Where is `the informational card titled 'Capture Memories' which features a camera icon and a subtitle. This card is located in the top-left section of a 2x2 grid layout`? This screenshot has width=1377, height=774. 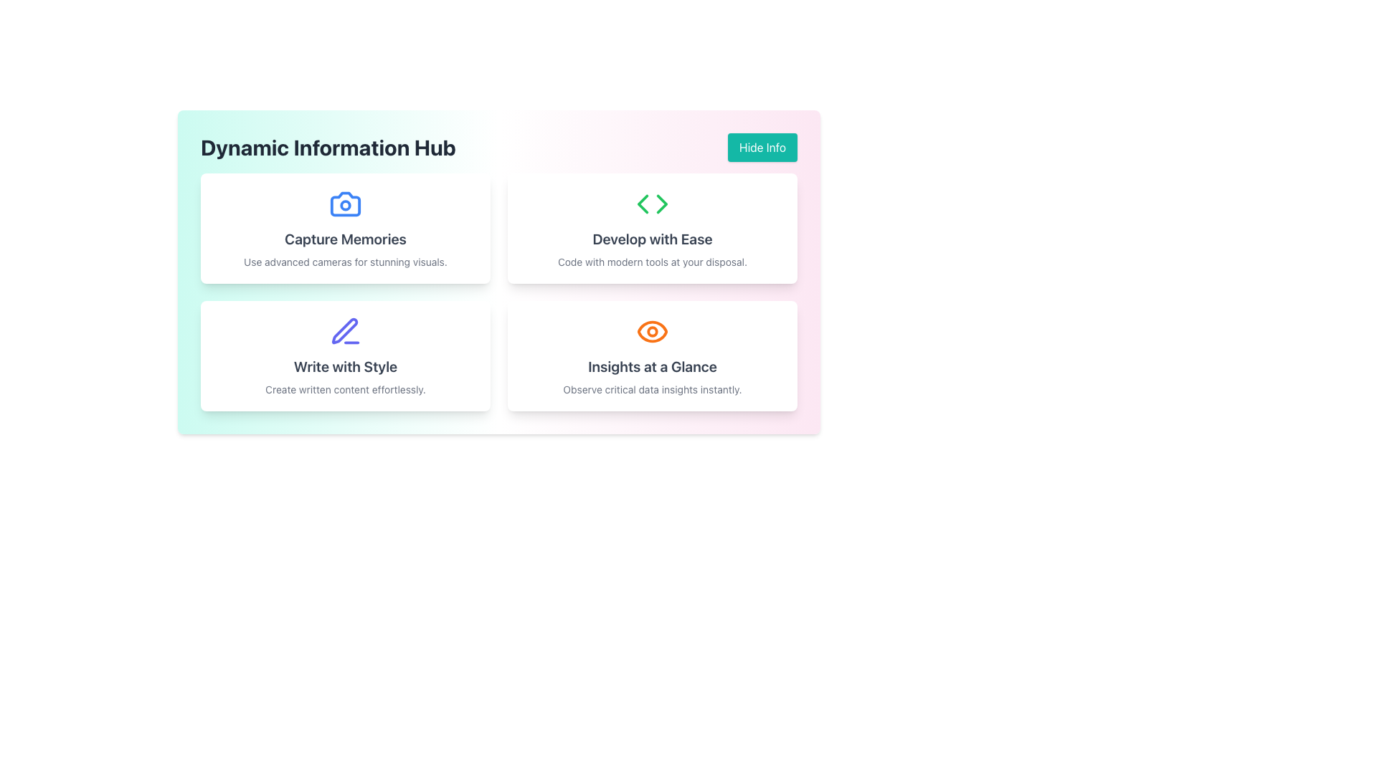
the informational card titled 'Capture Memories' which features a camera icon and a subtitle. This card is located in the top-left section of a 2x2 grid layout is located at coordinates (345, 228).